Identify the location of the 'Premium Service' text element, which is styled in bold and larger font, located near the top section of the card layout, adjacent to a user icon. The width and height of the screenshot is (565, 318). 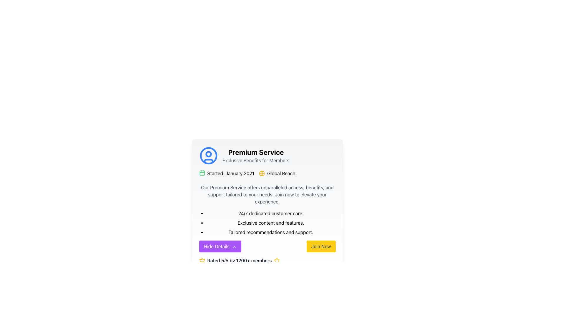
(256, 155).